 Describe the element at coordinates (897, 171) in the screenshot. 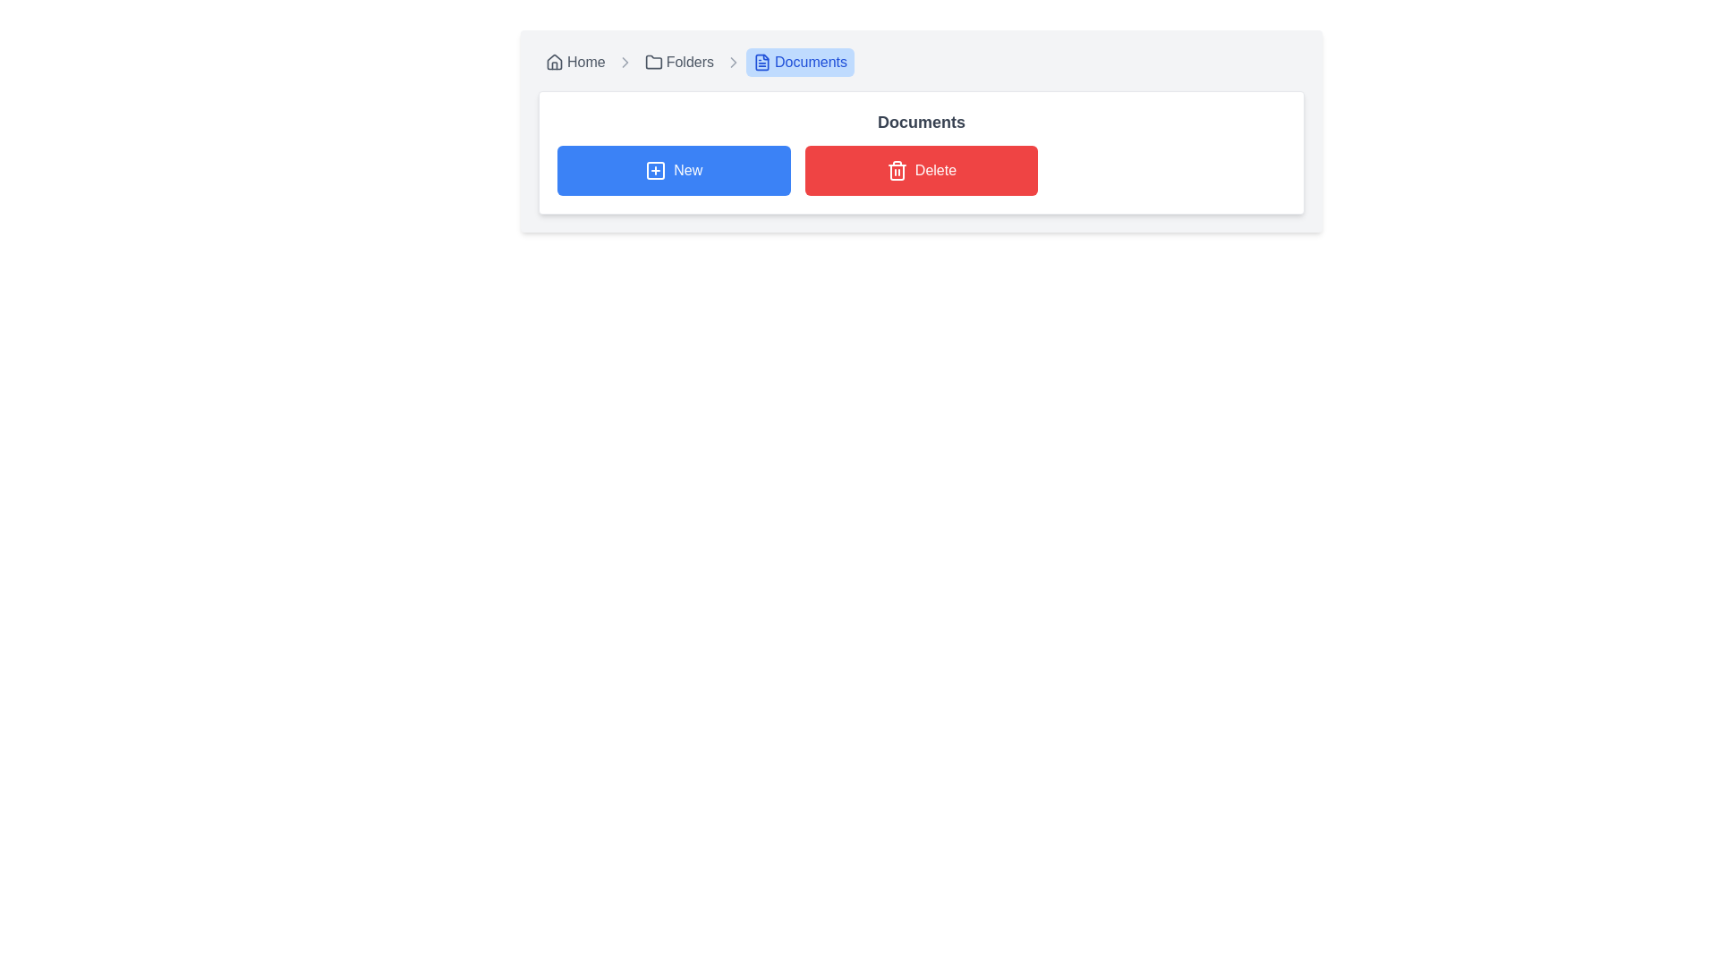

I see `the appearance of the trash can icon located within the red 'Delete' button in the 'Documents' section, positioned to the left of the 'Delete' text` at that location.